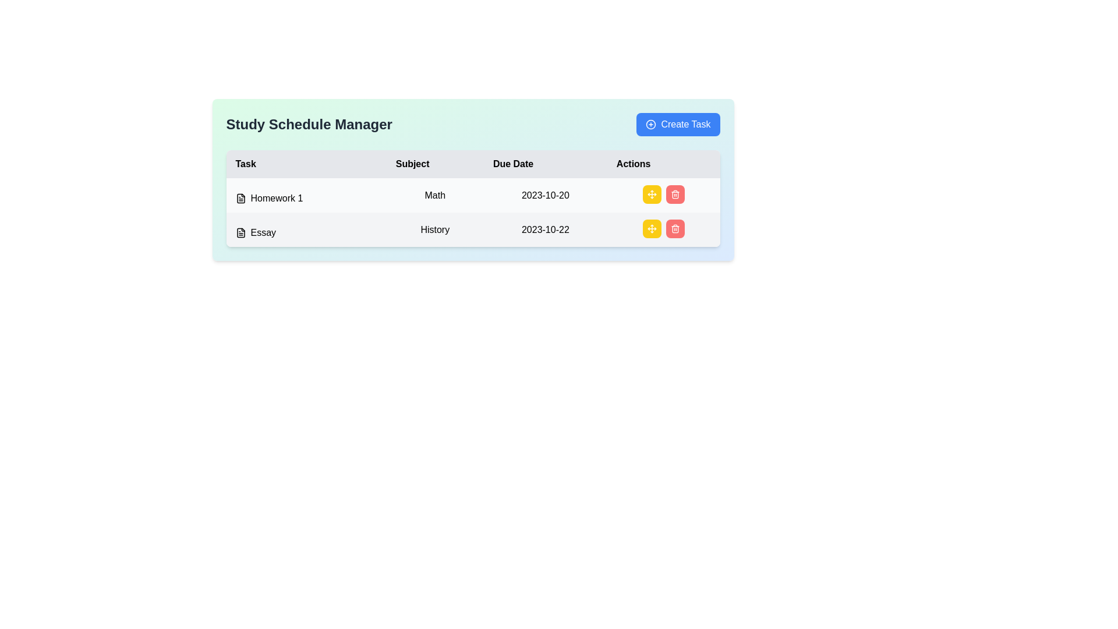 The image size is (1118, 629). What do you see at coordinates (306, 197) in the screenshot?
I see `the icon associated with the 'Homework 1' task label located in the first row under the 'Task' column` at bounding box center [306, 197].